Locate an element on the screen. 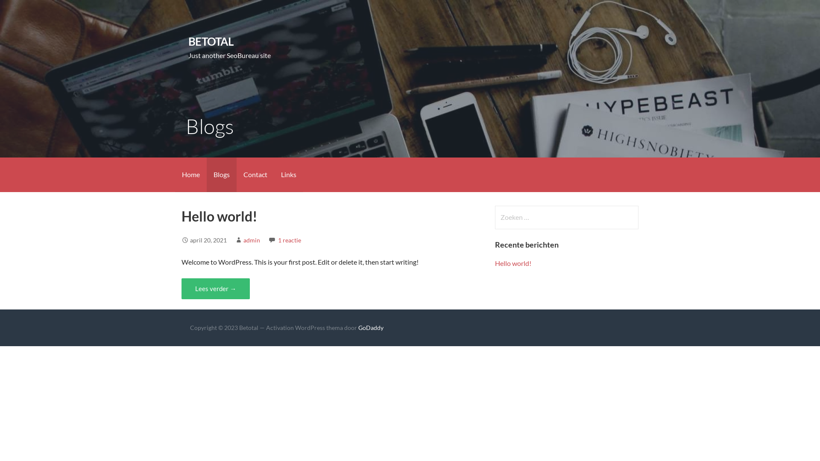  '1 reactie' is located at coordinates (289, 240).